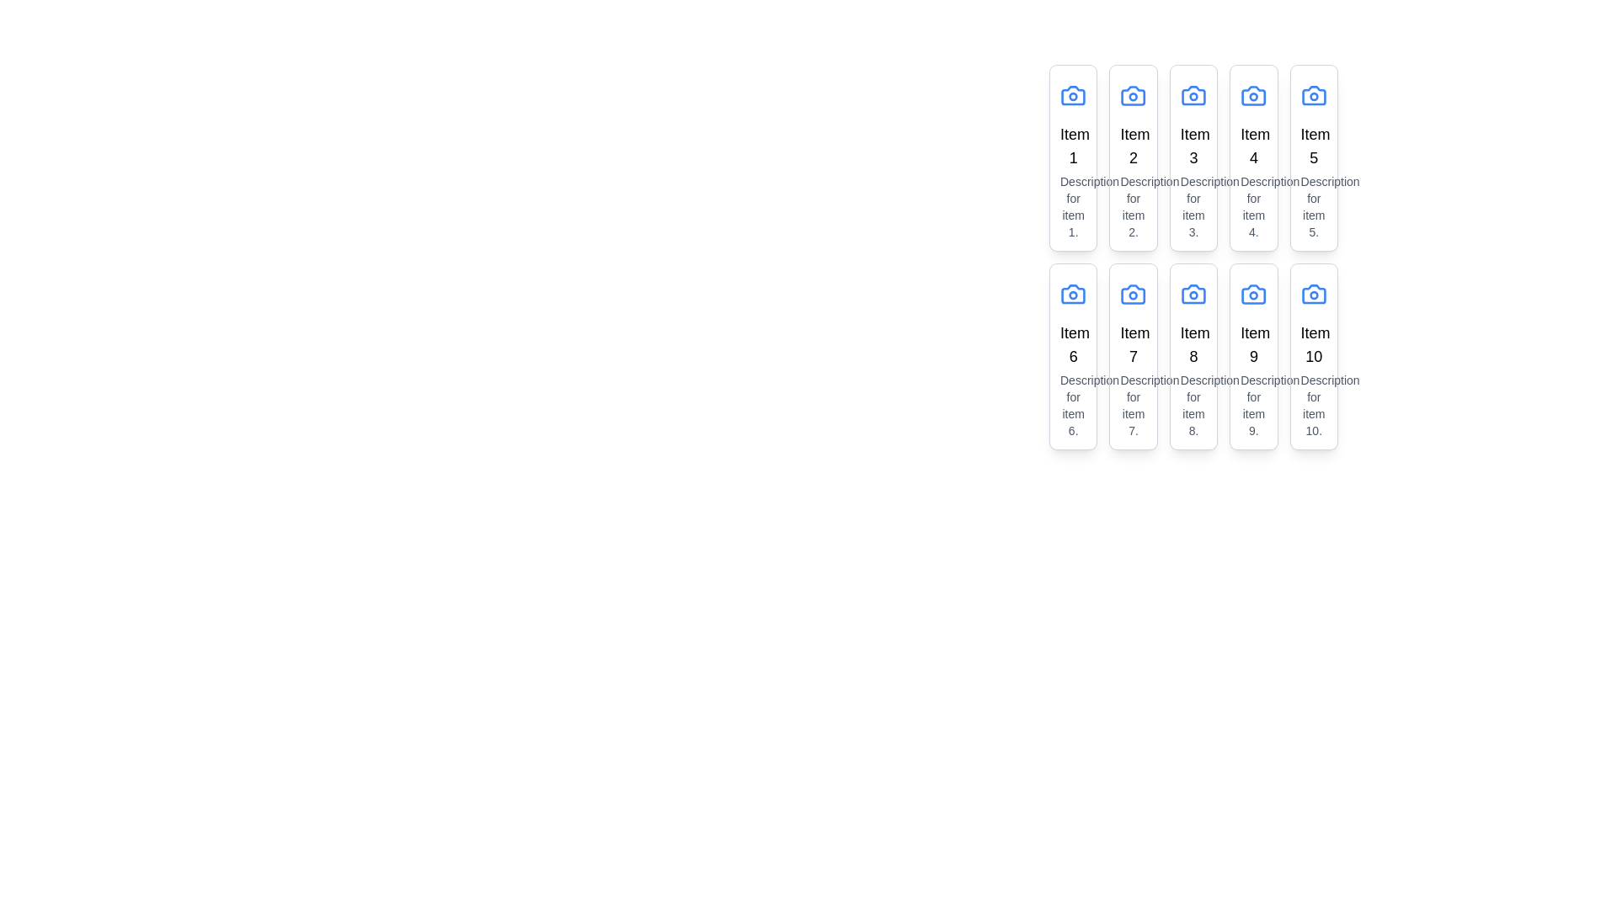  What do you see at coordinates (1253, 343) in the screenshot?
I see `the static text label "Description for item 9" located in the second card of the second row in the grid layout, which serves as a title for the associated content` at bounding box center [1253, 343].